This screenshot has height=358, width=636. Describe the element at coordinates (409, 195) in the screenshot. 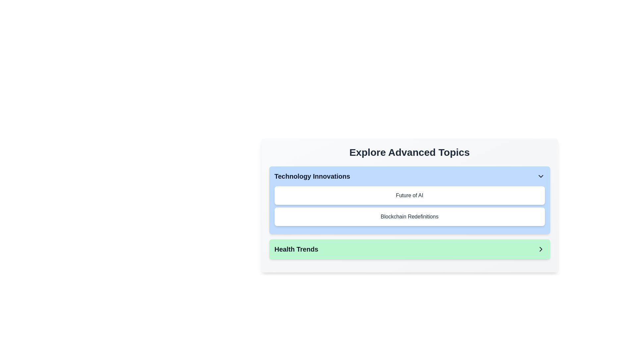

I see `text 'Future of AI' displayed prominently in a bold and modern typeface within the first option of the 'Technology Innovations' section` at that location.